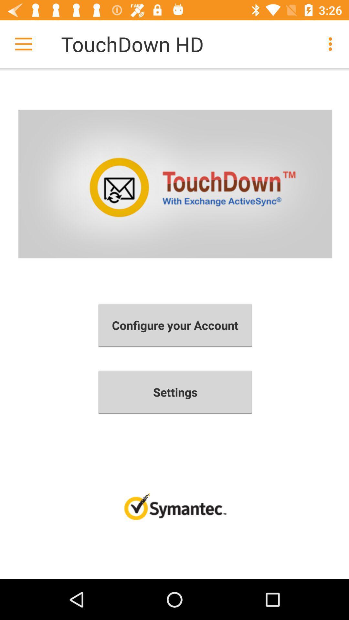 The width and height of the screenshot is (349, 620). Describe the element at coordinates (175, 392) in the screenshot. I see `item below configure your account icon` at that location.